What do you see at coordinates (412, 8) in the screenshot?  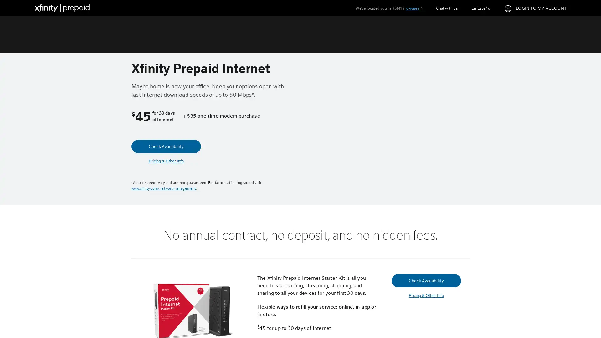 I see `CHANGE` at bounding box center [412, 8].